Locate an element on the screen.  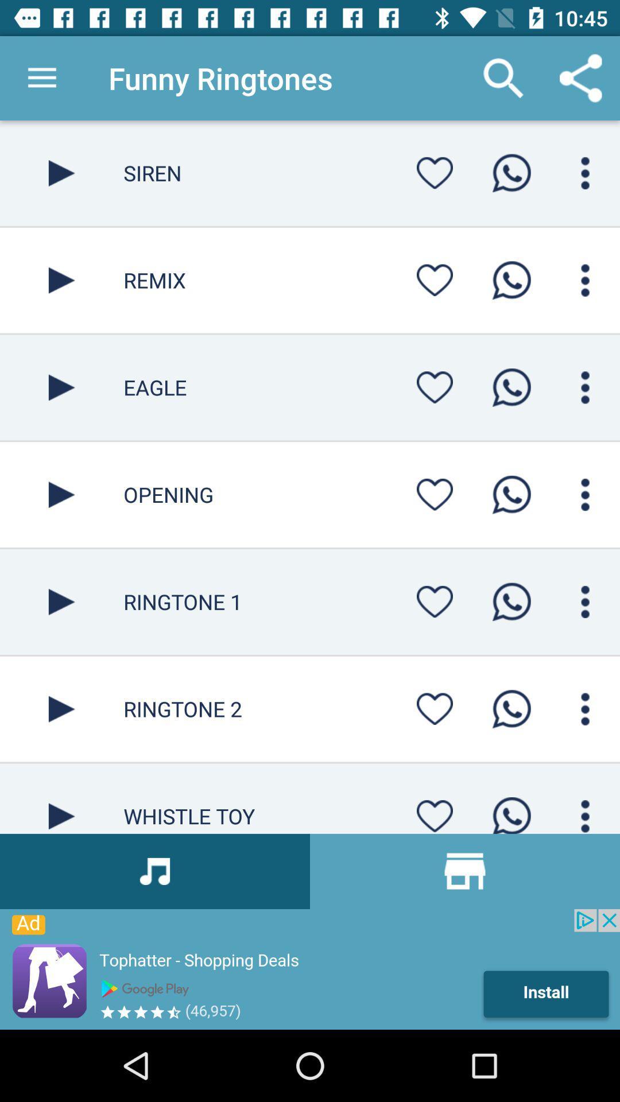
the song is located at coordinates (61, 172).